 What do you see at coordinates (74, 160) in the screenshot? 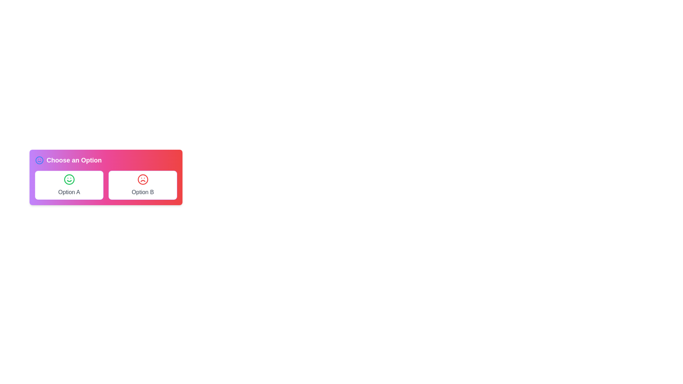
I see `the Text Label that serves as a title or prompt for the choices presented below, located to the right of a smiley face icon` at bounding box center [74, 160].